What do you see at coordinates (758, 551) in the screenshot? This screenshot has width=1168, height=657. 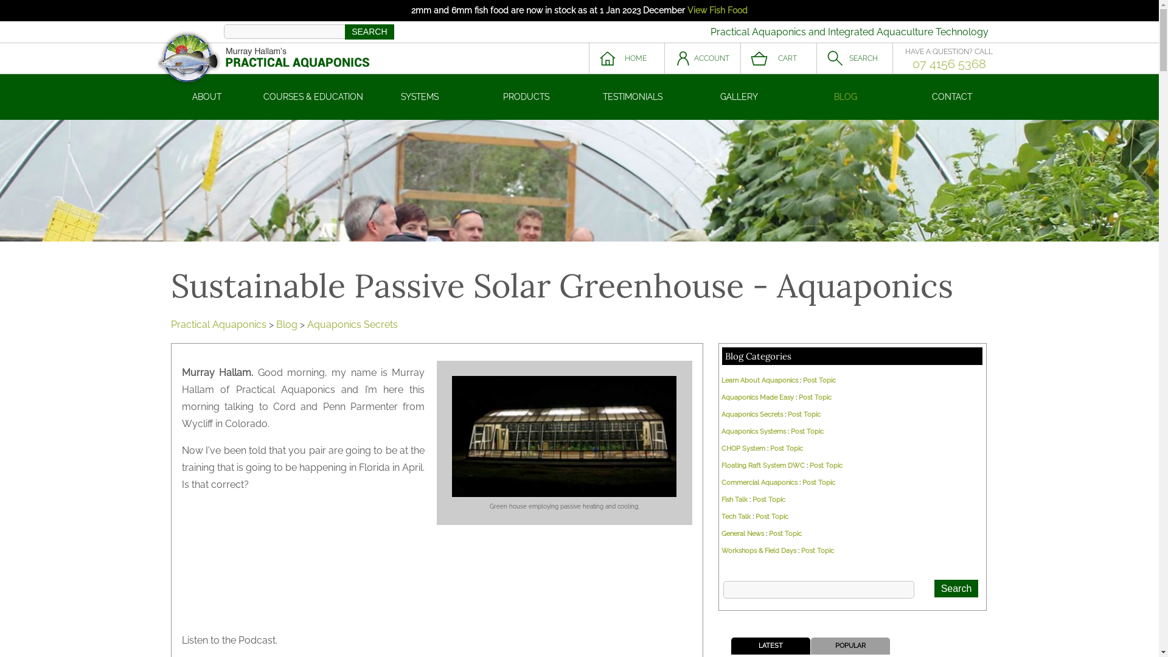 I see `'Workshops & Field Days'` at bounding box center [758, 551].